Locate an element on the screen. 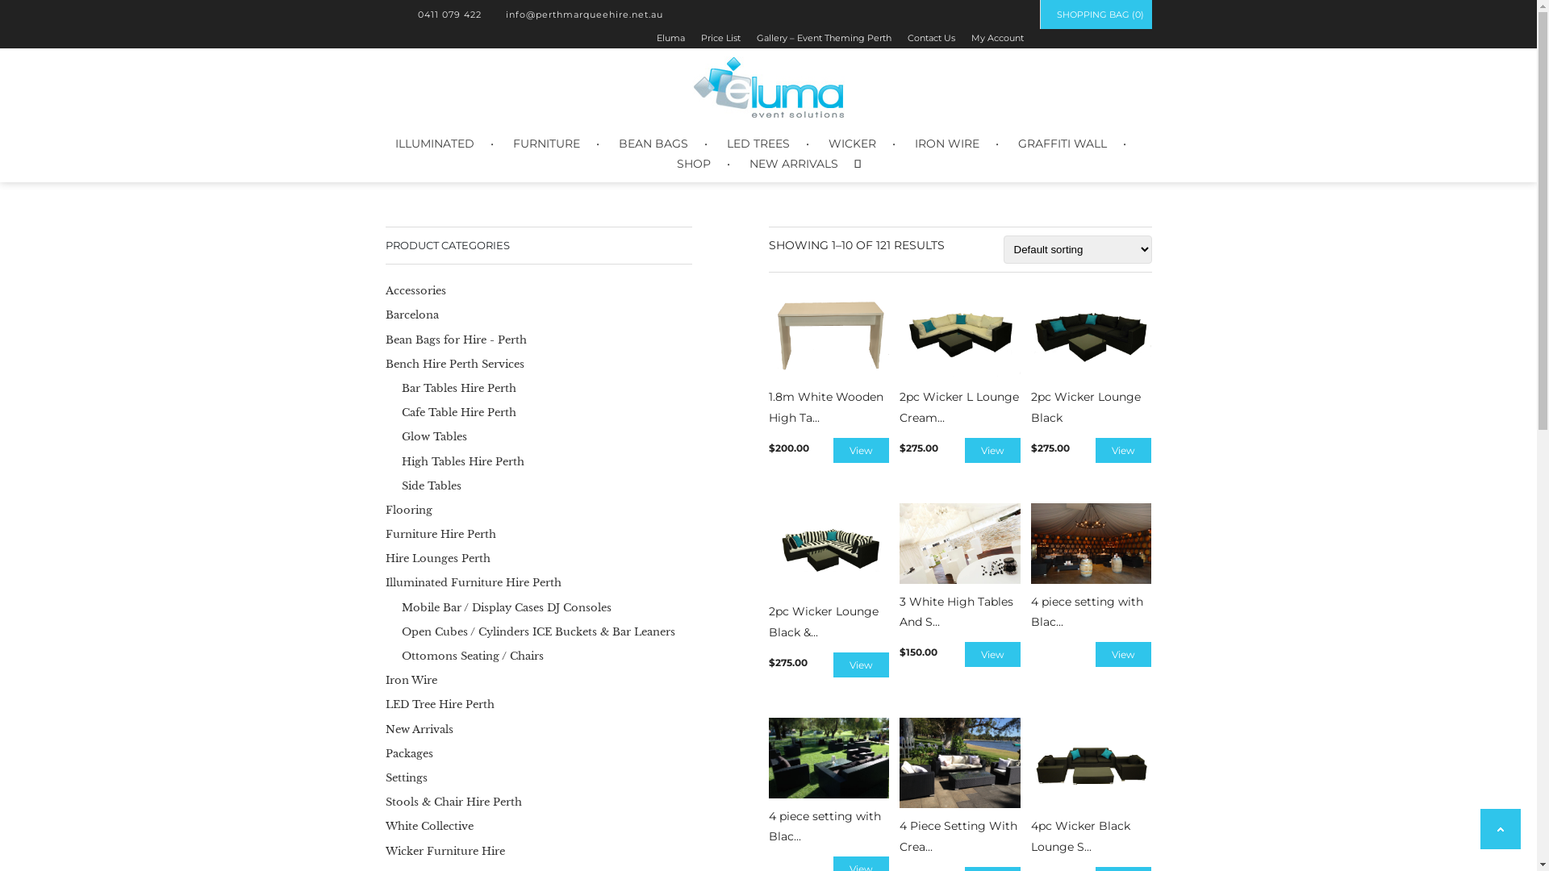 Image resolution: width=1549 pixels, height=871 pixels. 'Contact Us' is located at coordinates (930, 36).